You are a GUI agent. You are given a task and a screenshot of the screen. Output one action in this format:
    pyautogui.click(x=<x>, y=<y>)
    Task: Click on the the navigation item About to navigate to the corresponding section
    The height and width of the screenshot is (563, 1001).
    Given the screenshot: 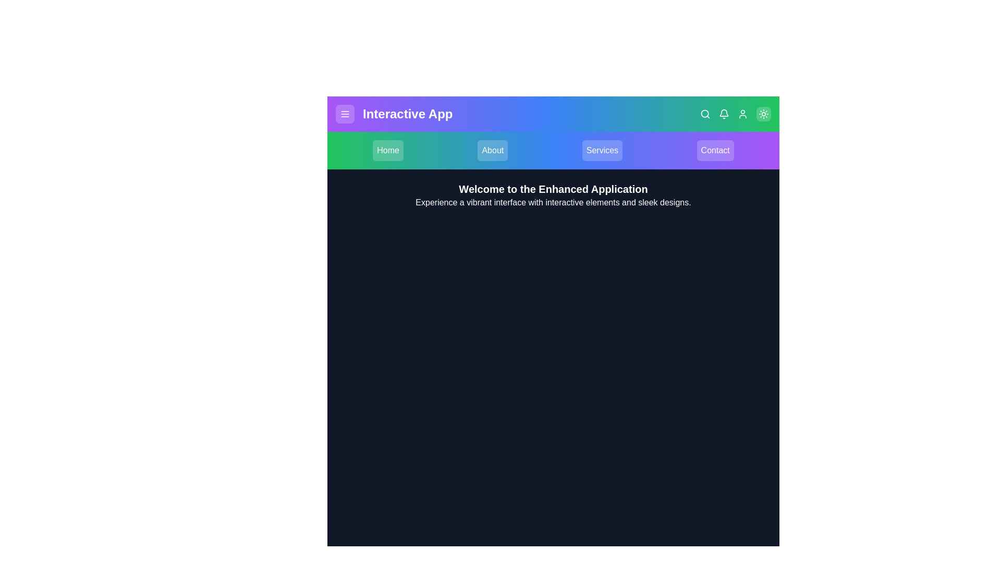 What is the action you would take?
    pyautogui.click(x=492, y=151)
    